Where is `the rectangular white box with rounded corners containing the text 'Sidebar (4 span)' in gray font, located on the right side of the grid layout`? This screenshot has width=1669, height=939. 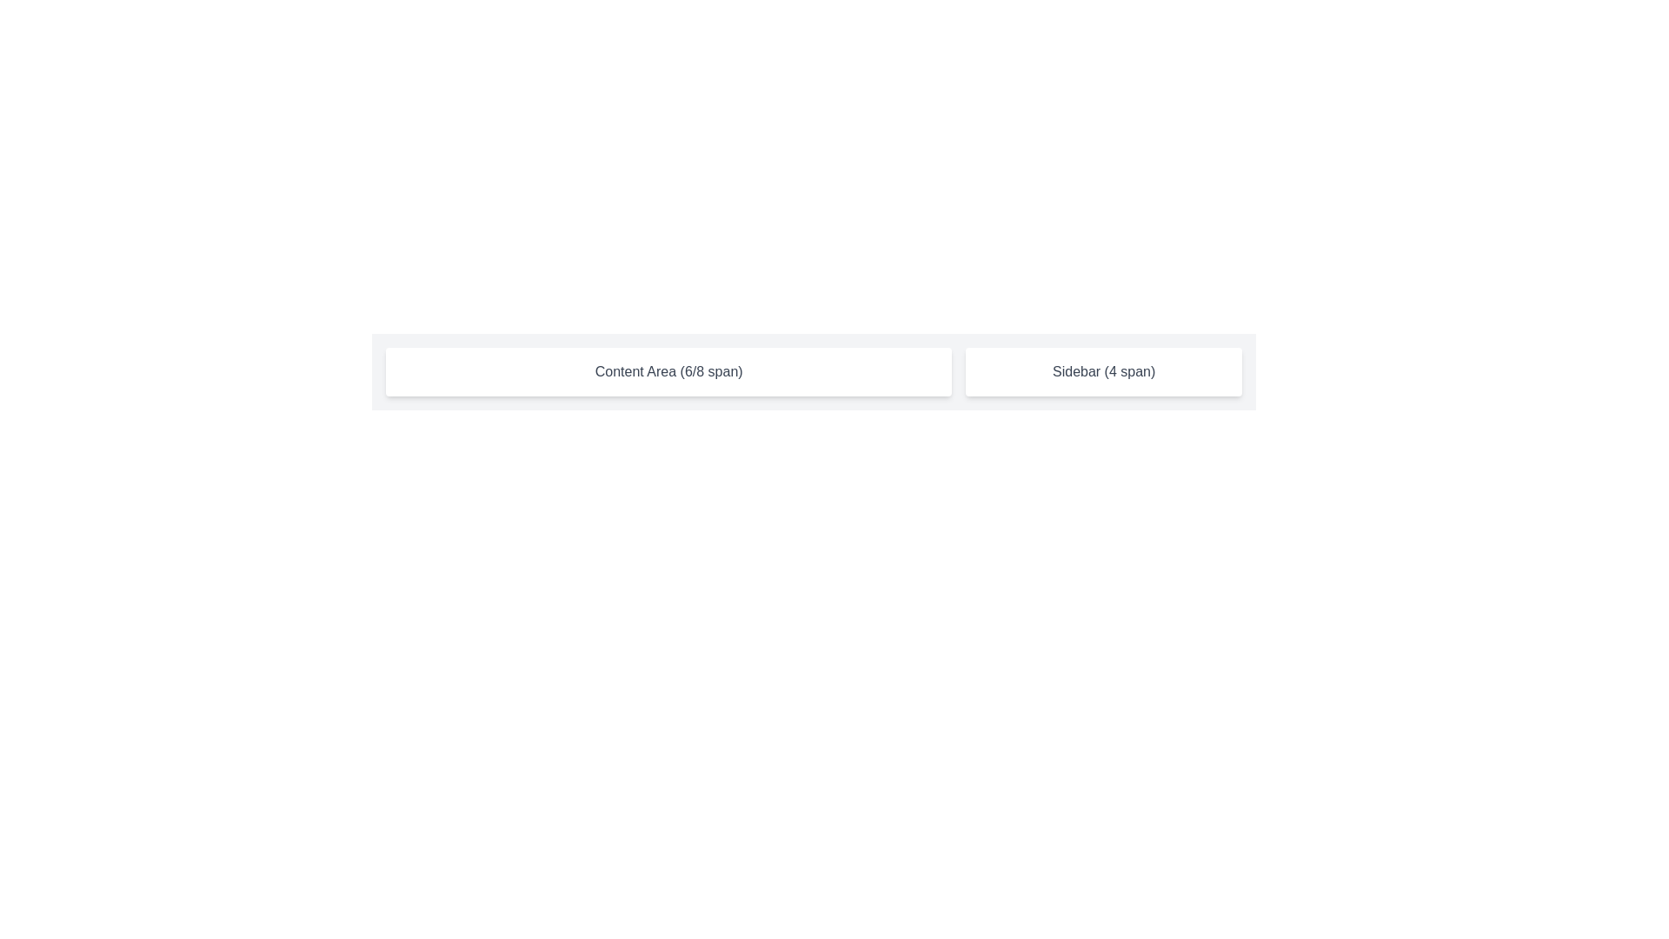
the rectangular white box with rounded corners containing the text 'Sidebar (4 span)' in gray font, located on the right side of the grid layout is located at coordinates (1103, 371).